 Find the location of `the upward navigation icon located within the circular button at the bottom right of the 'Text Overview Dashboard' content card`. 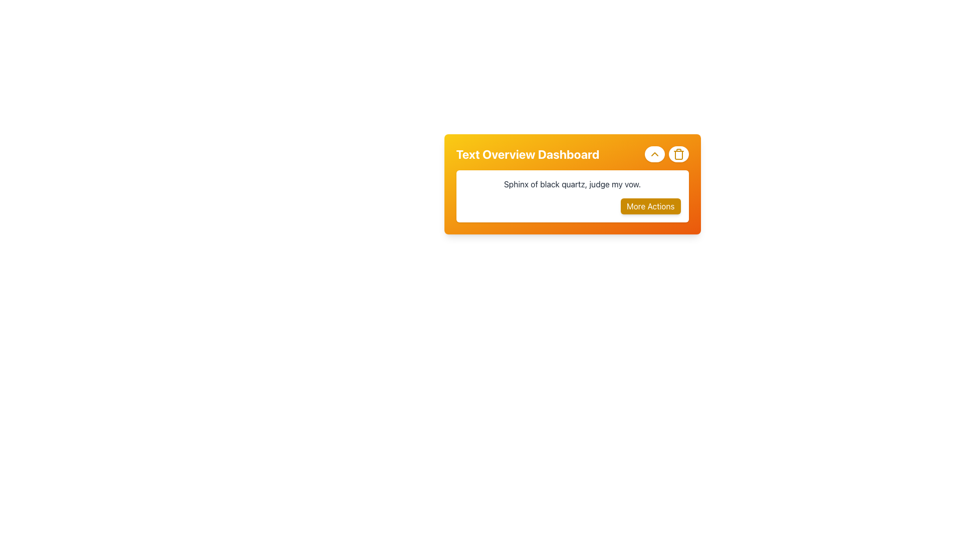

the upward navigation icon located within the circular button at the bottom right of the 'Text Overview Dashboard' content card is located at coordinates (654, 154).